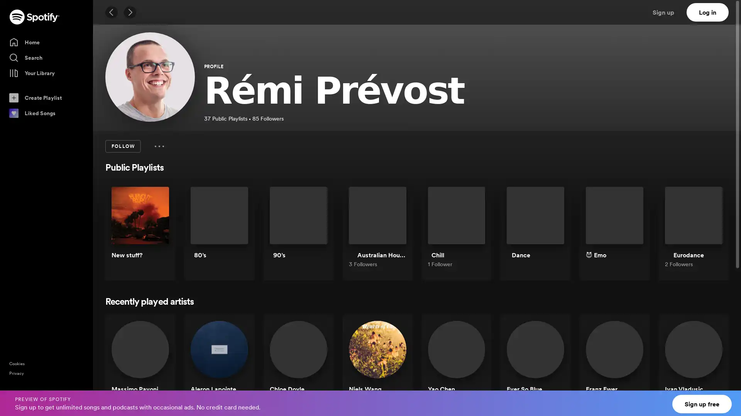  I want to click on Play Chloe Doyle, so click(315, 368).